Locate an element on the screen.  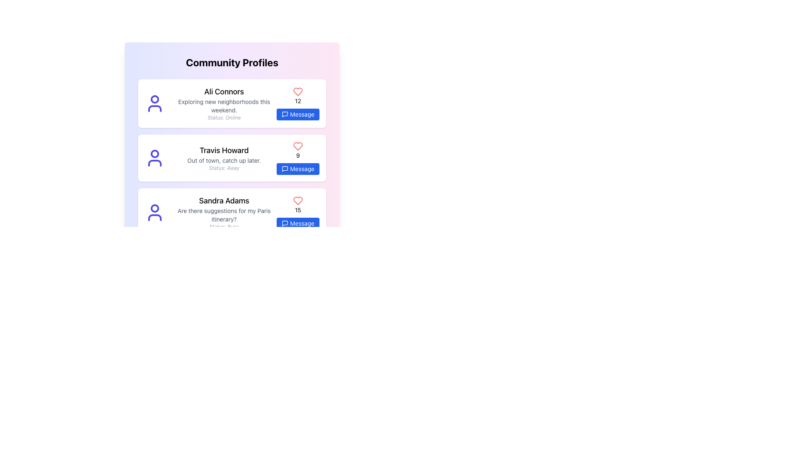
the status information displayed in the text label located below the 'Out of town, catch up later.' text and above the 'Message' button in the profile card is located at coordinates (224, 168).